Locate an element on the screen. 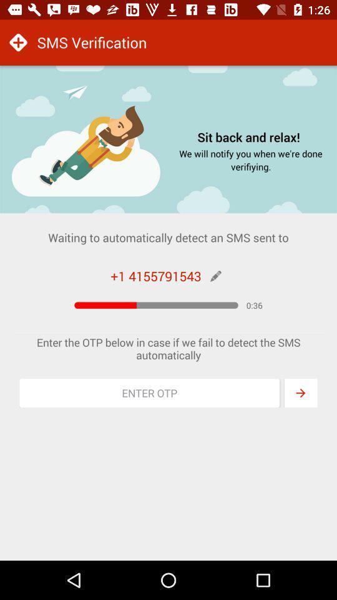 This screenshot has height=600, width=337. continue to next page is located at coordinates (300, 392).